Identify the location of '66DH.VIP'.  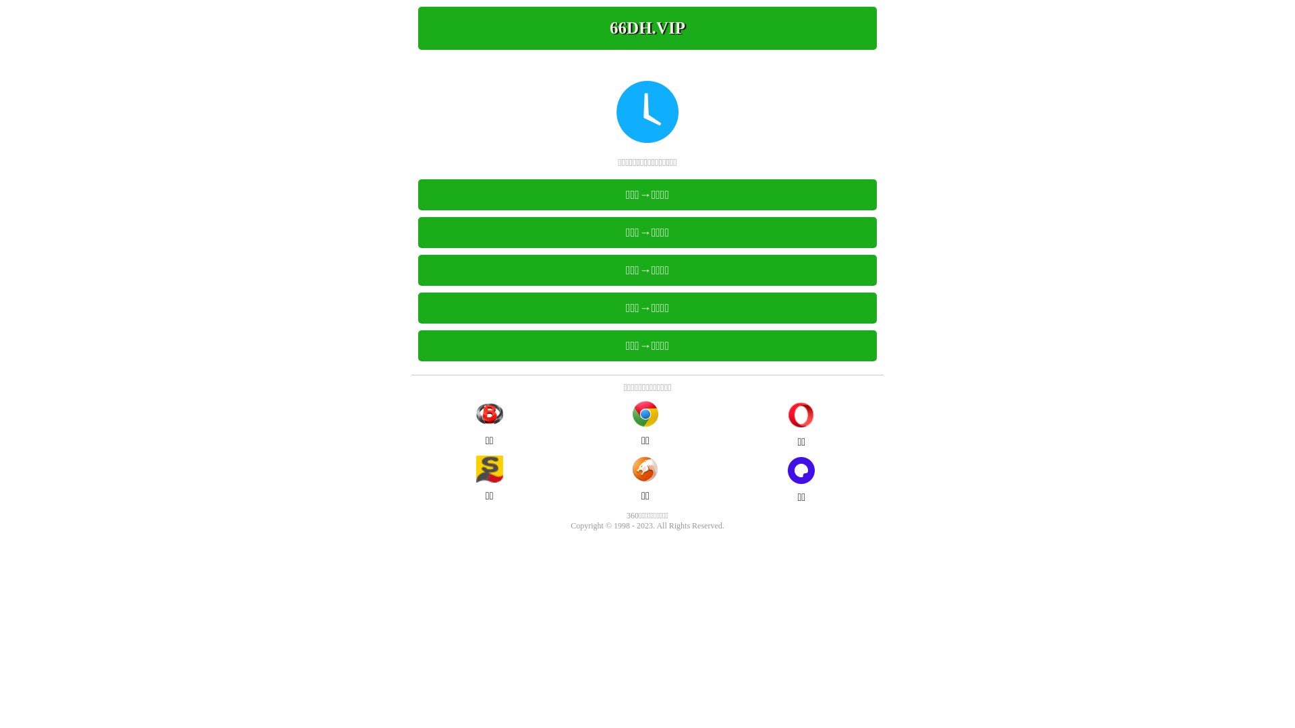
(647, 28).